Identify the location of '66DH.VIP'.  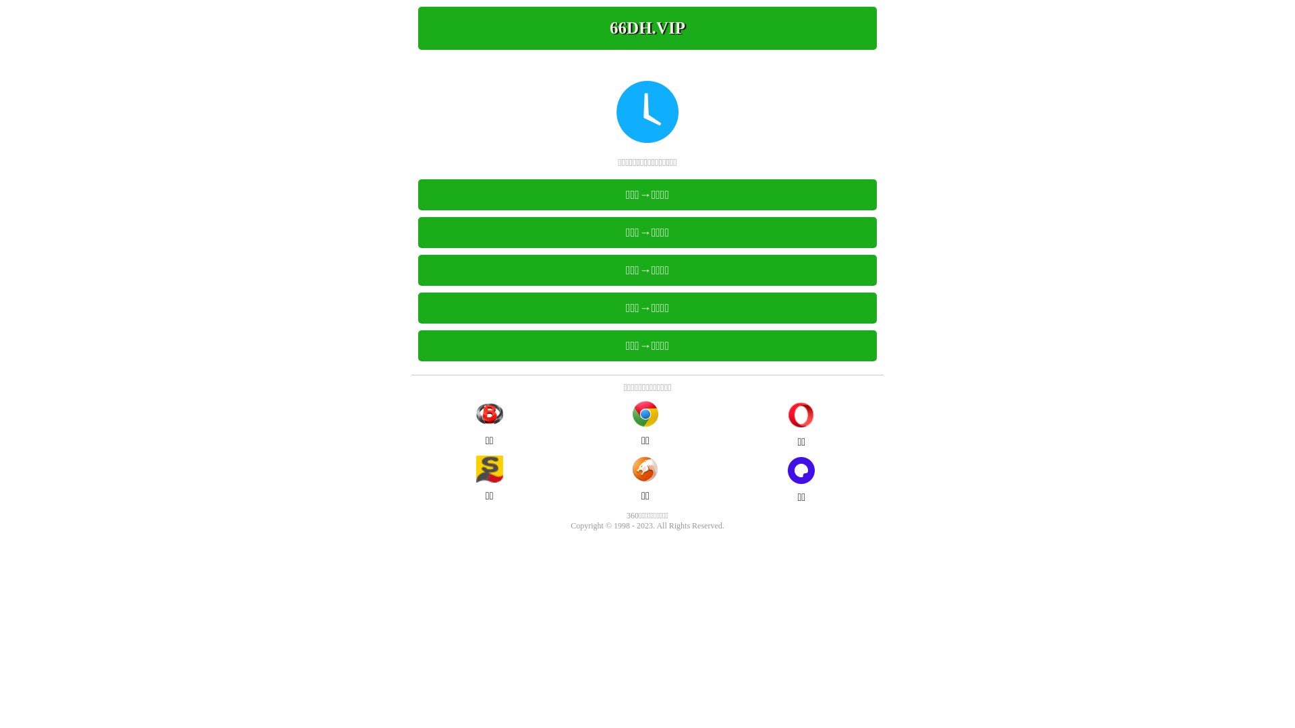
(647, 28).